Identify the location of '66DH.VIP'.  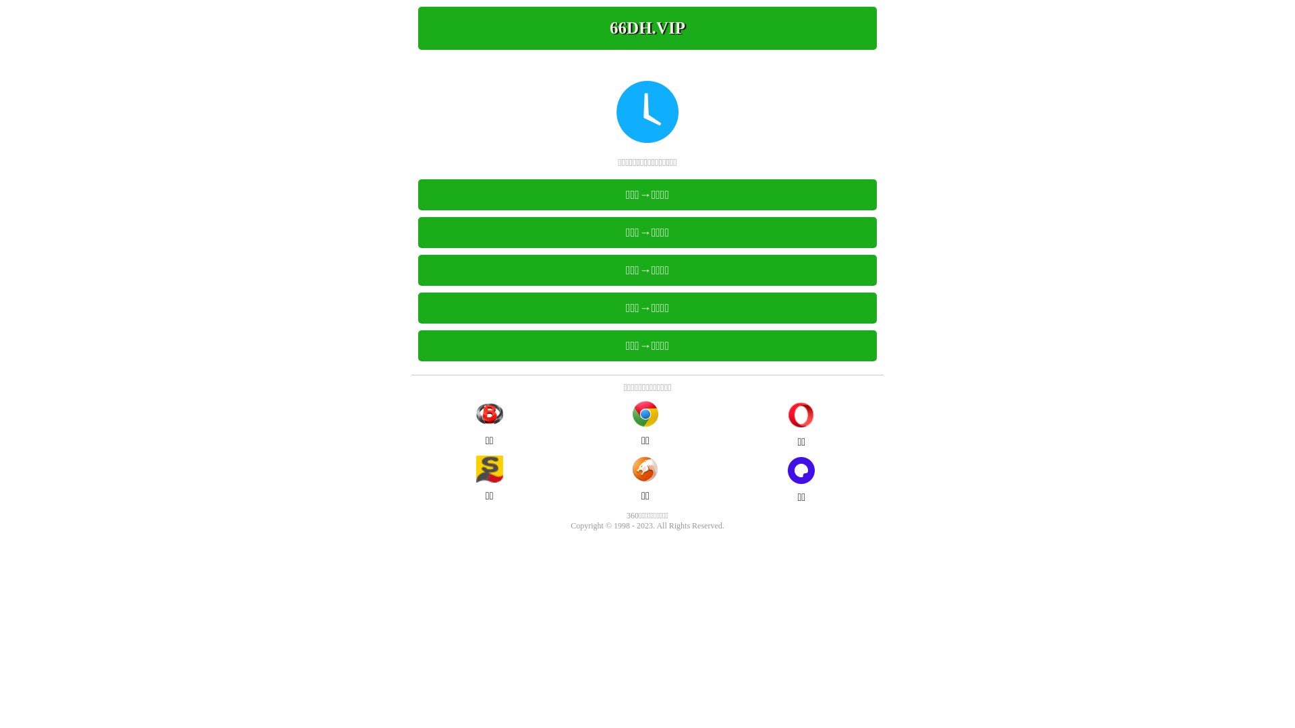
(647, 28).